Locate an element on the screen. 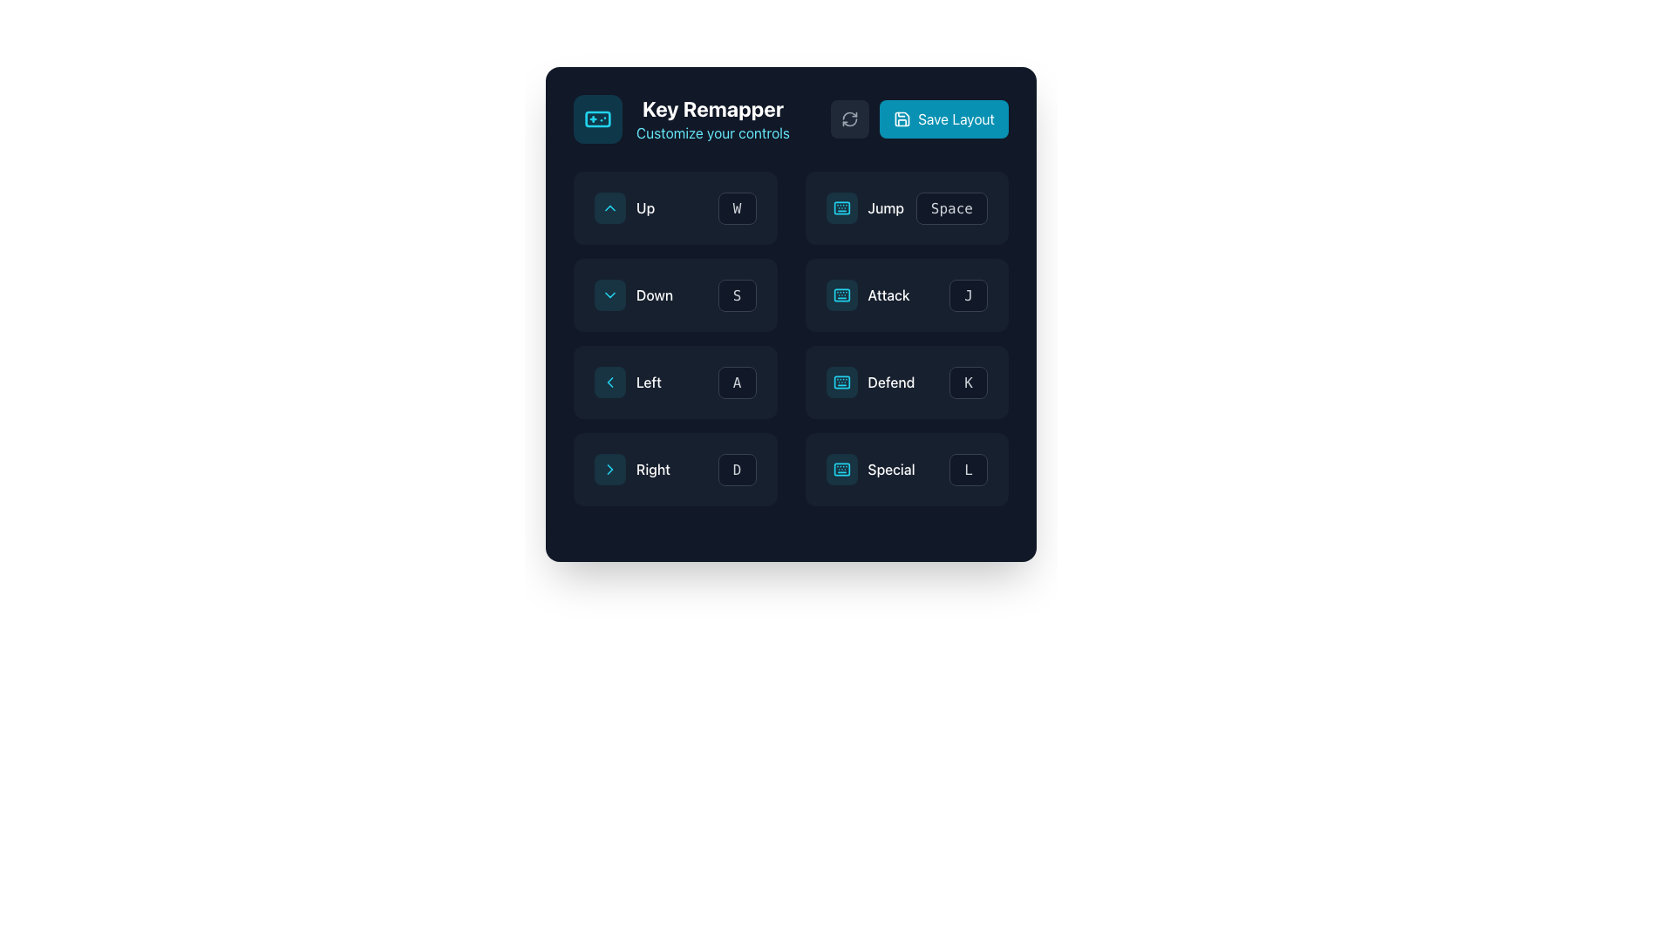 This screenshot has width=1674, height=941. the second interactive button in the third row of the key mappings grid, which is adjacent to the 'Jump' label is located at coordinates (950, 207).